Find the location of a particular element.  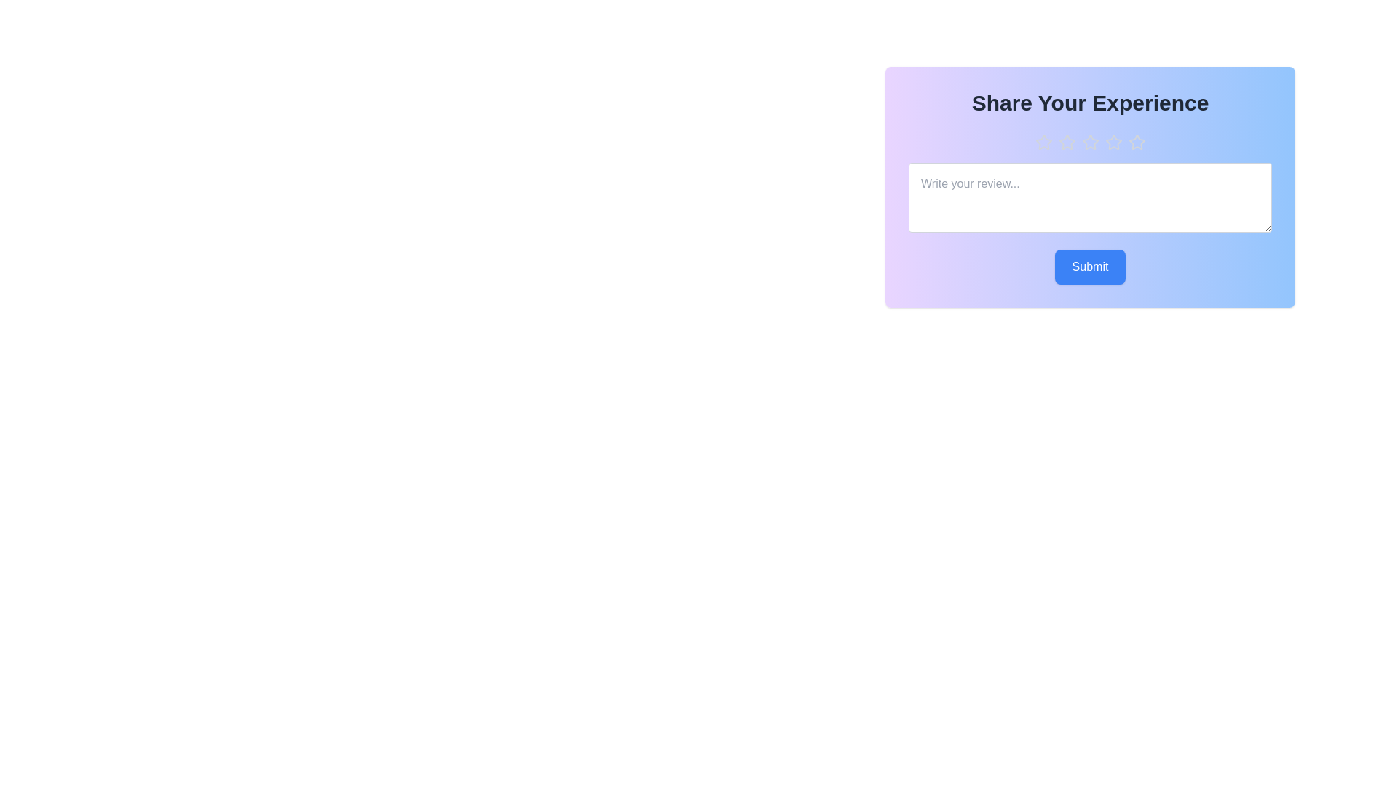

the rating to 5 stars by clicking the corresponding star button is located at coordinates (1136, 143).